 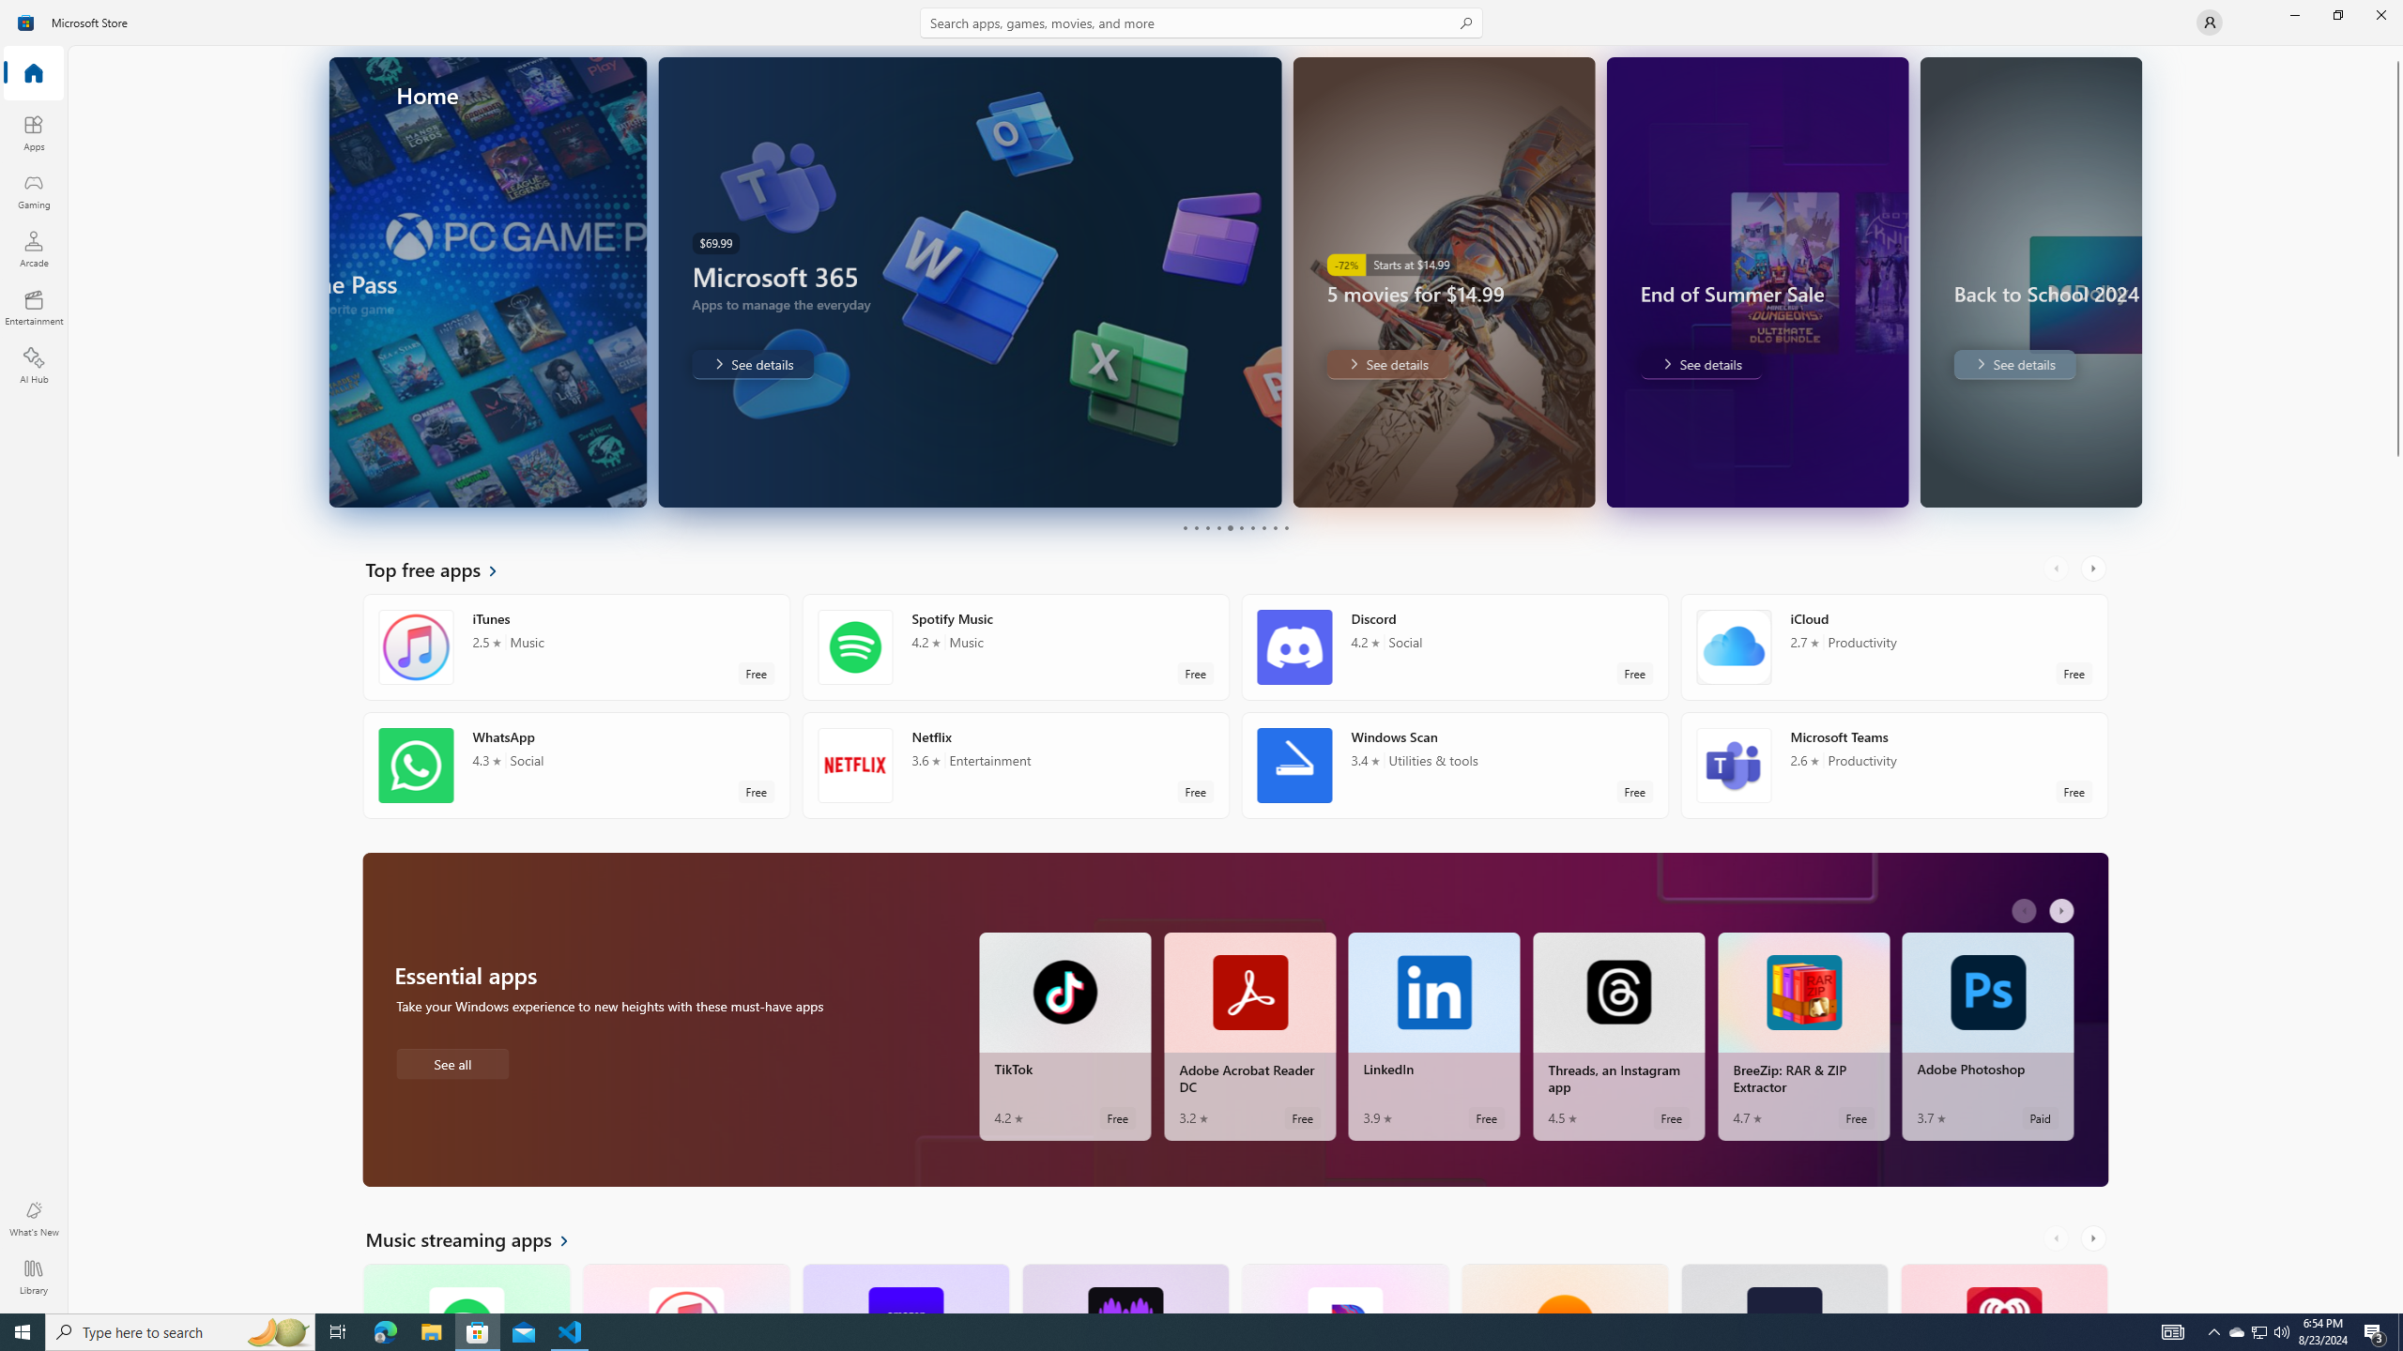 I want to click on 'Vertical Small Decrease', so click(x=2395, y=52).